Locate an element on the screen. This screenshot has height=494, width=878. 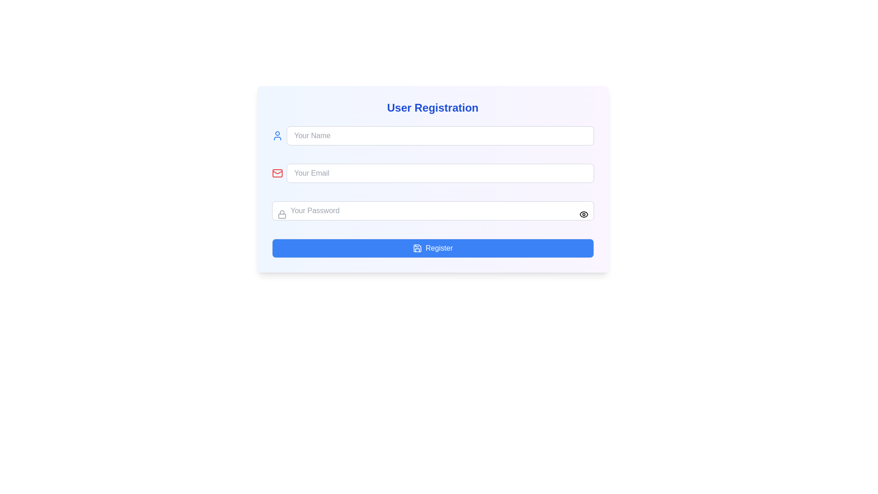
the registration button located under the password input field, which initiates the registration process is located at coordinates (432, 248).